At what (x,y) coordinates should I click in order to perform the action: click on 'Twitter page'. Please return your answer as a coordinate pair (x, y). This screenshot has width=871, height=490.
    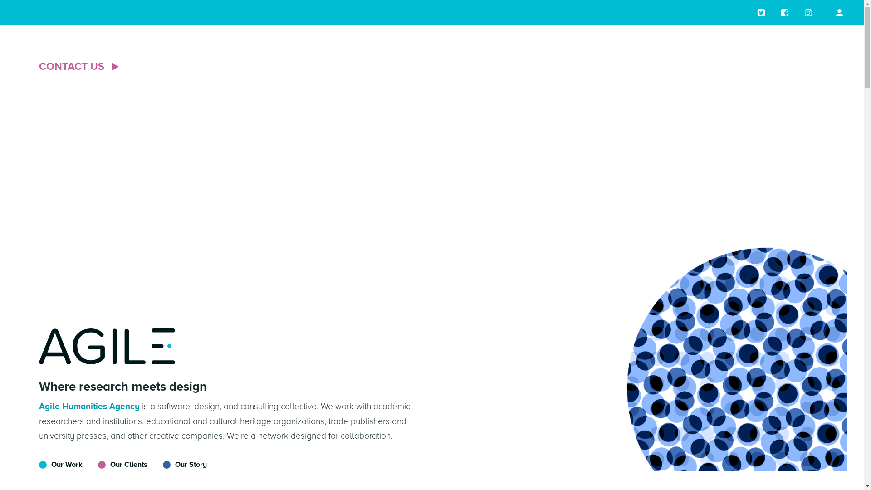
    Looking at the image, I should click on (761, 12).